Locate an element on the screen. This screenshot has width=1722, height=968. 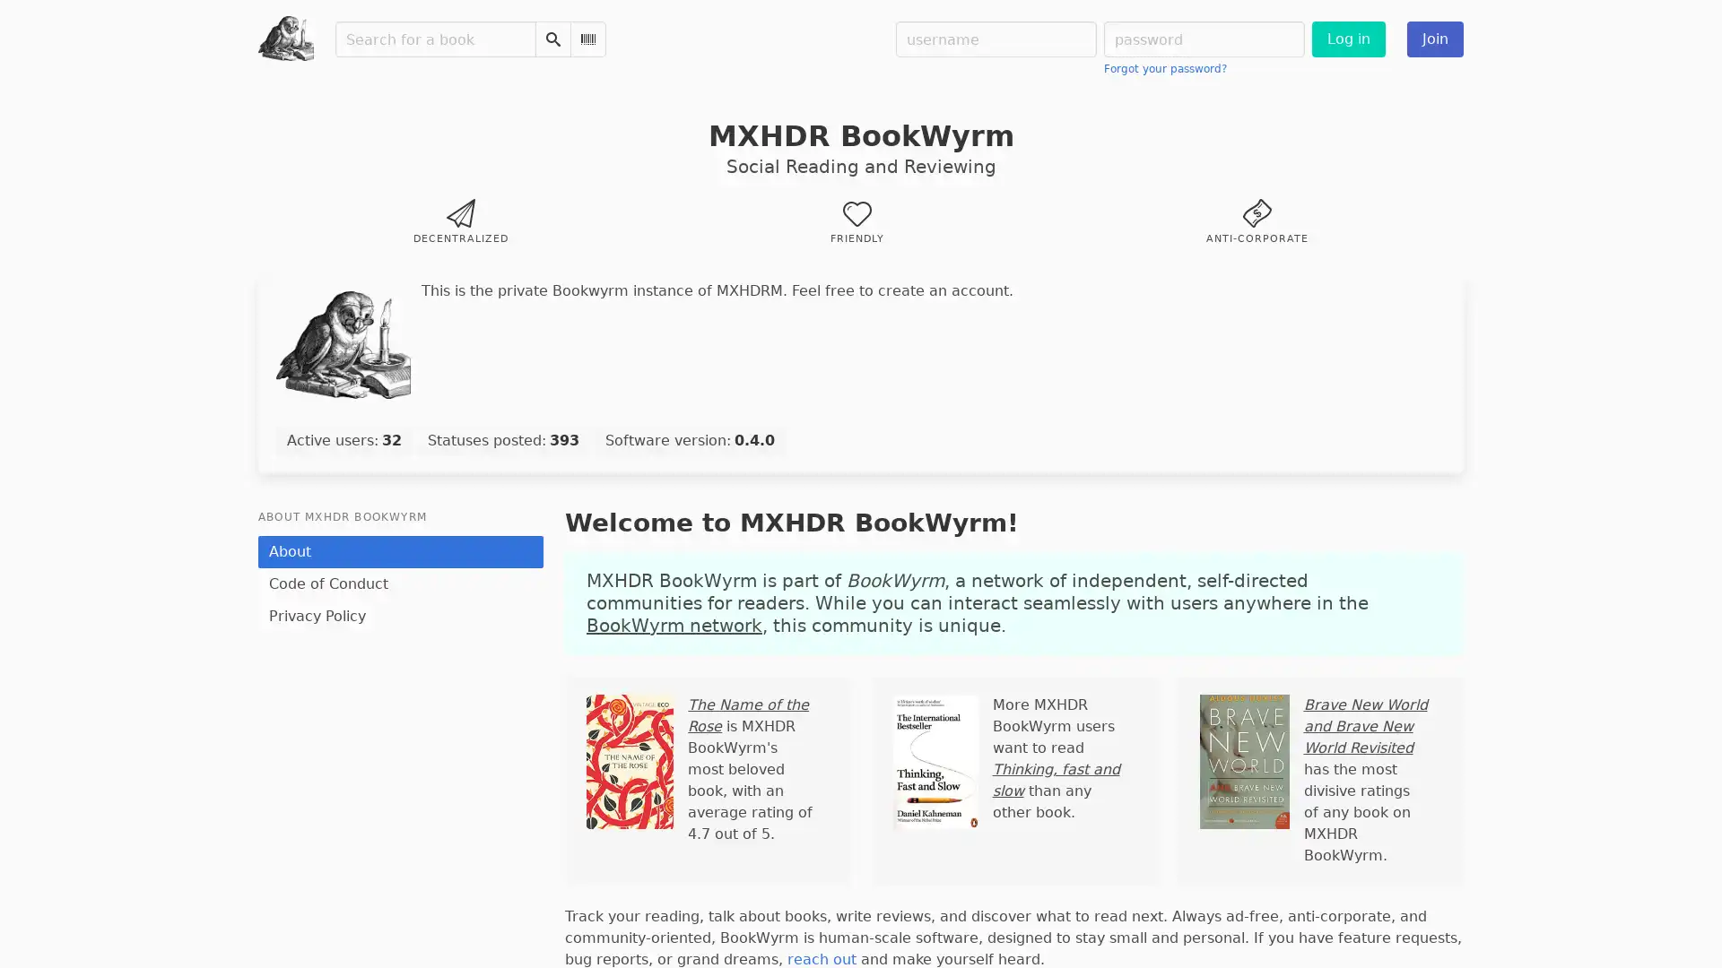
Log in is located at coordinates (1348, 39).